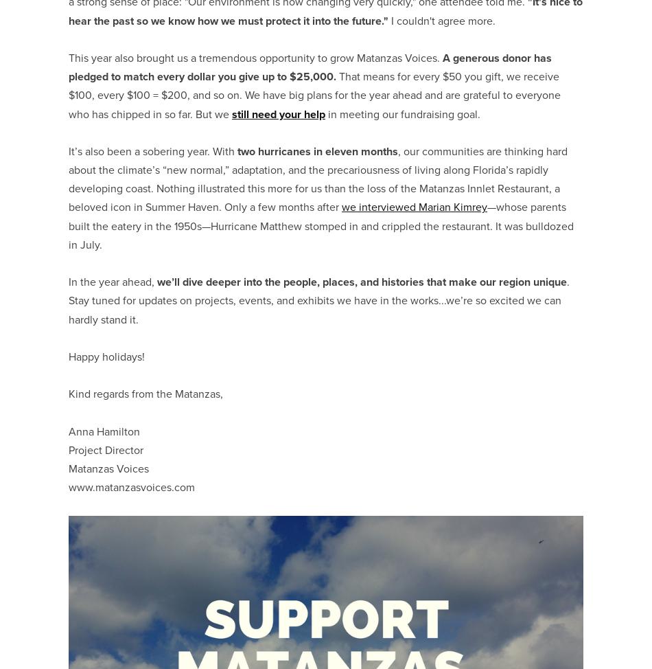 The image size is (652, 669). I want to click on 'we interviewed Marian Kimrey', so click(415, 206).